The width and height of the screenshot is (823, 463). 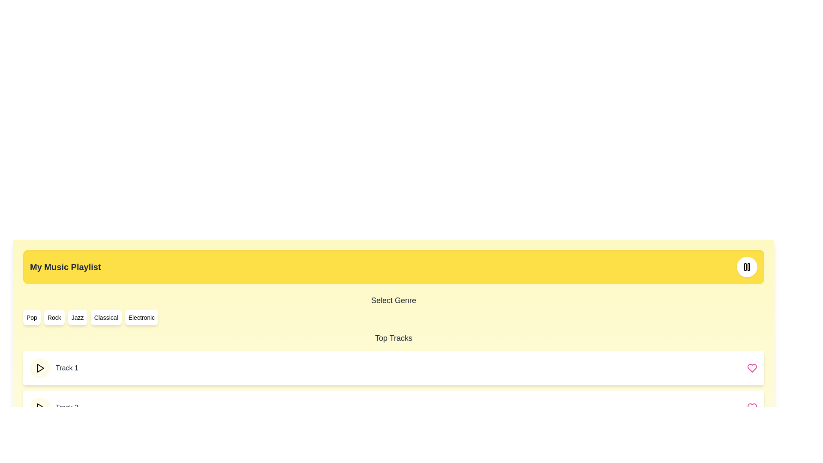 What do you see at coordinates (40, 407) in the screenshot?
I see `the play button located at the top-left corner of the area associated with 'Track 2' to initiate playback of the track` at bounding box center [40, 407].